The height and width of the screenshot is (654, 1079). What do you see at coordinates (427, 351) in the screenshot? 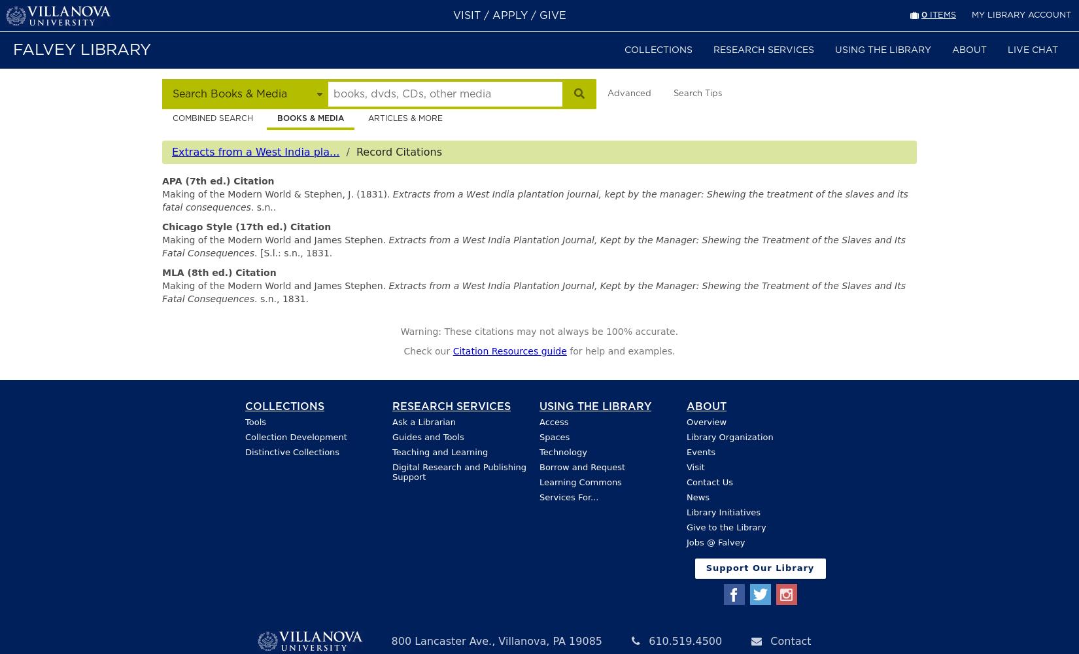
I see `'Check our'` at bounding box center [427, 351].